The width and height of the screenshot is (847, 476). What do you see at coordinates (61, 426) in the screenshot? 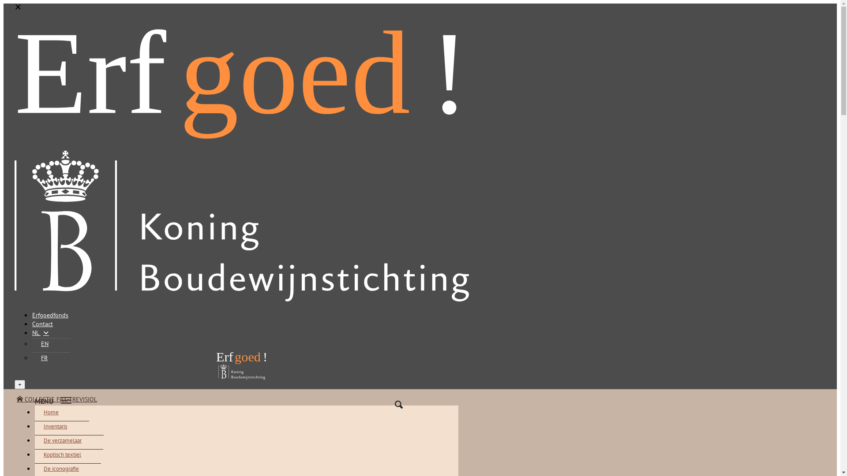
I see `'Inventaris'` at bounding box center [61, 426].